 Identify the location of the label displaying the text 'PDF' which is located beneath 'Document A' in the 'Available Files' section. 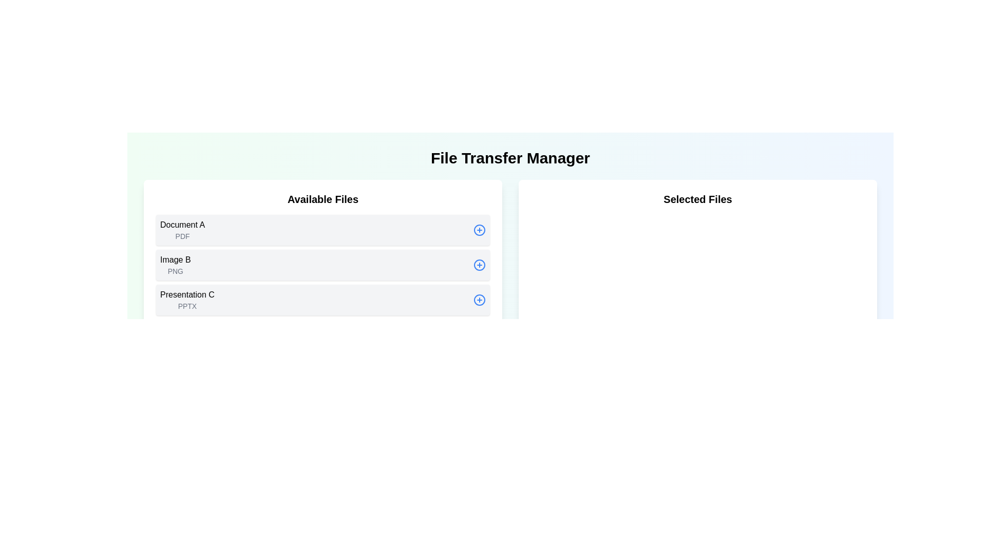
(182, 236).